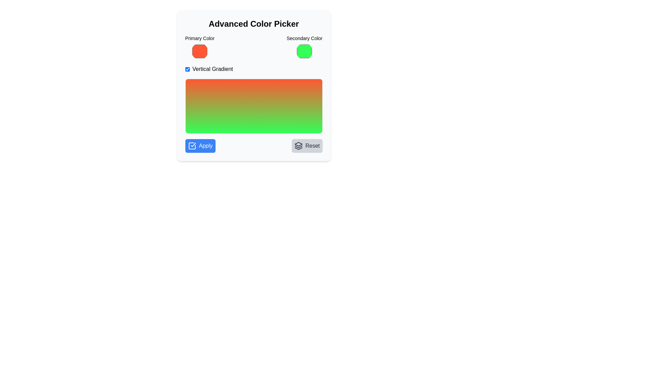  Describe the element at coordinates (212, 69) in the screenshot. I see `the 'Vertical Gradient' text label, which is styled with a standard black font and located next to a checkbox in a form-like group` at that location.